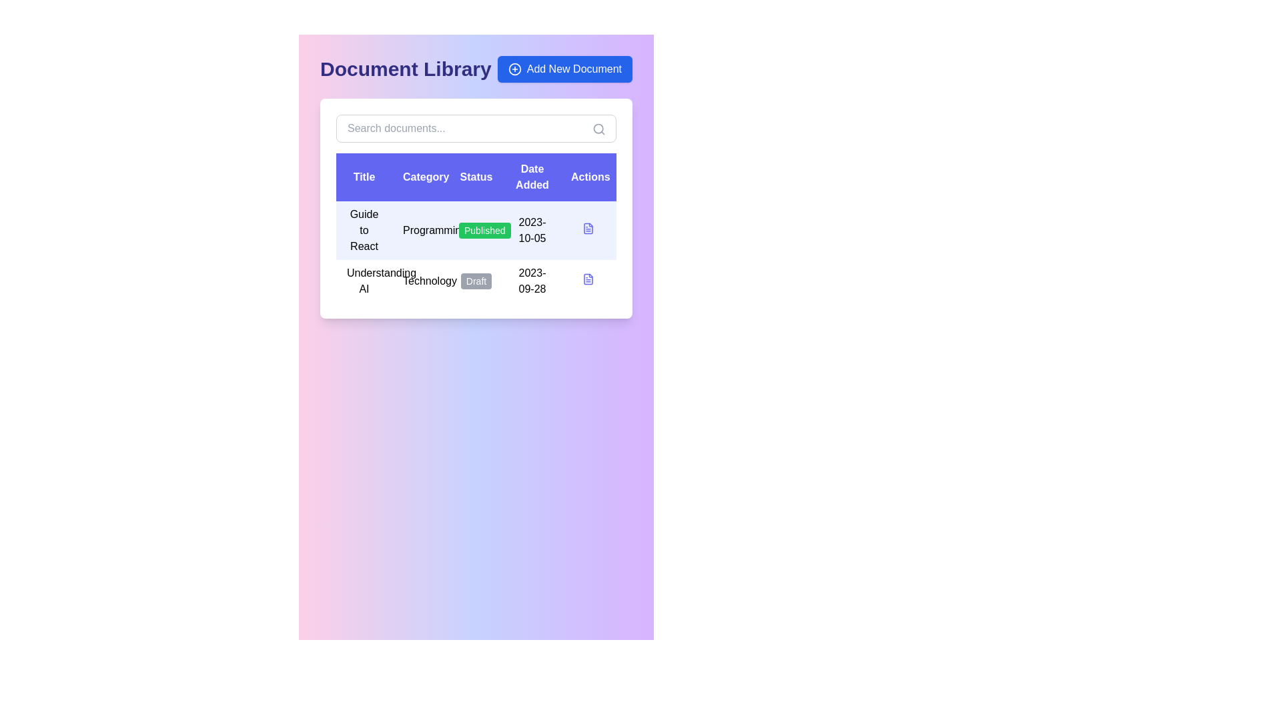  Describe the element at coordinates (476, 280) in the screenshot. I see `the draft status label located in the third column of the second row of the 'Document Library' table, which indicates that the corresponding document is in a draft state` at that location.